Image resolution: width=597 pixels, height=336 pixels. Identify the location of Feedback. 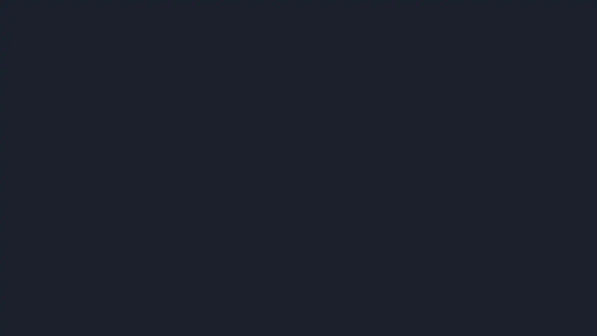
(475, 321).